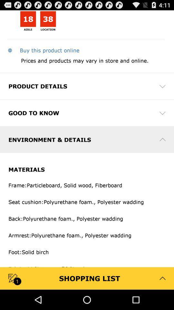 This screenshot has width=174, height=310. I want to click on the app above prices and products app, so click(43, 50).